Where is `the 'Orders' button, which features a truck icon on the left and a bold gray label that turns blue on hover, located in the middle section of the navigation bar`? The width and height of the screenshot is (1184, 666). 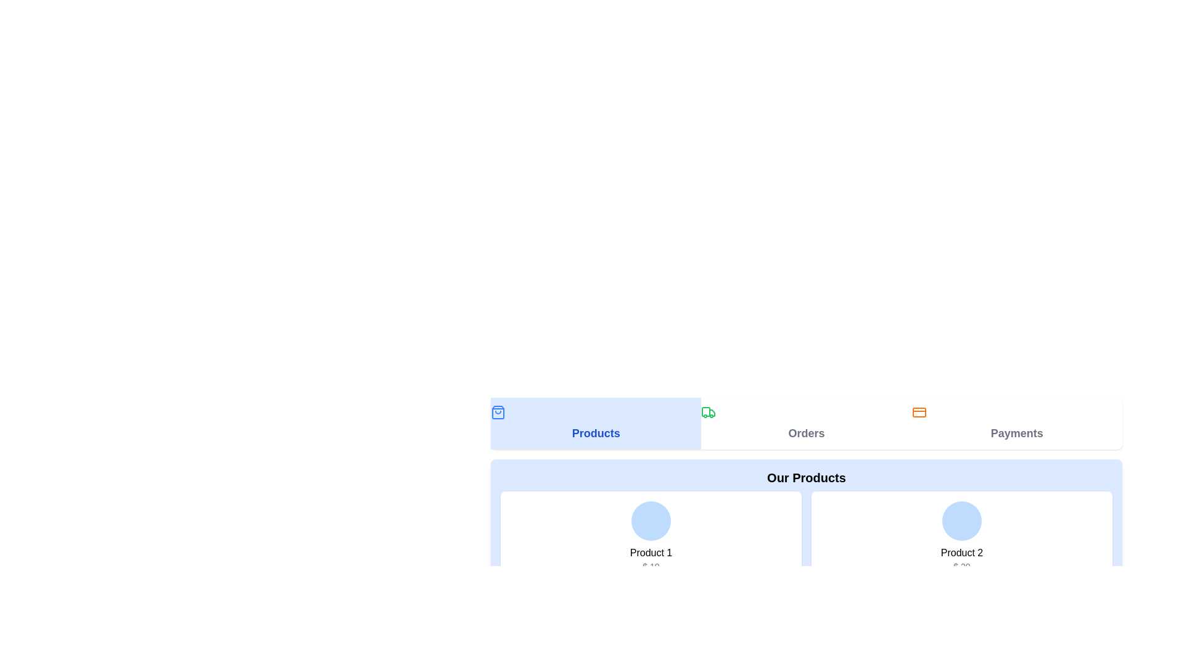
the 'Orders' button, which features a truck icon on the left and a bold gray label that turns blue on hover, located in the middle section of the navigation bar is located at coordinates (806, 422).